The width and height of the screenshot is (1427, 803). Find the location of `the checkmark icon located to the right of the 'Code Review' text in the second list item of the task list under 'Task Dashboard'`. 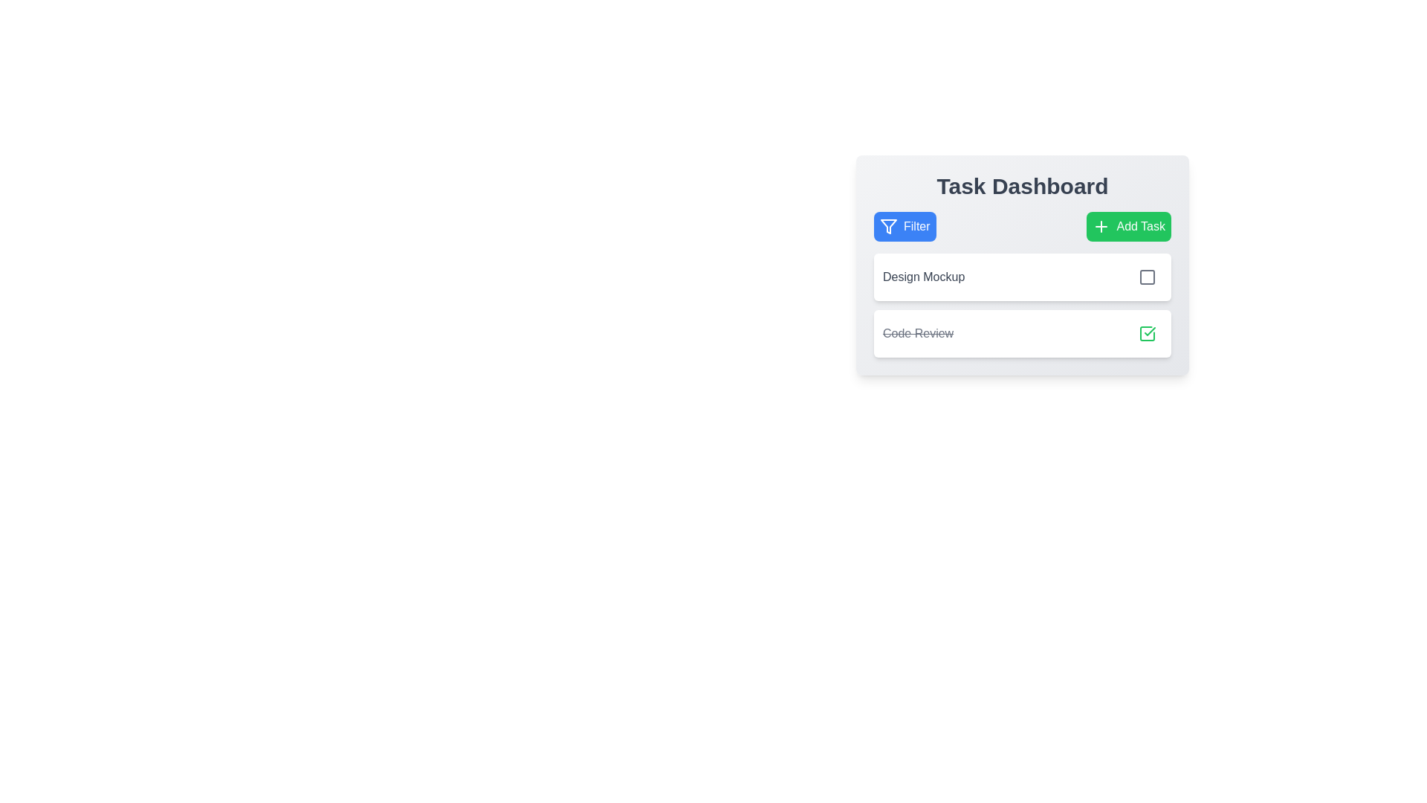

the checkmark icon located to the right of the 'Code Review' text in the second list item of the task list under 'Task Dashboard' is located at coordinates (1149, 331).